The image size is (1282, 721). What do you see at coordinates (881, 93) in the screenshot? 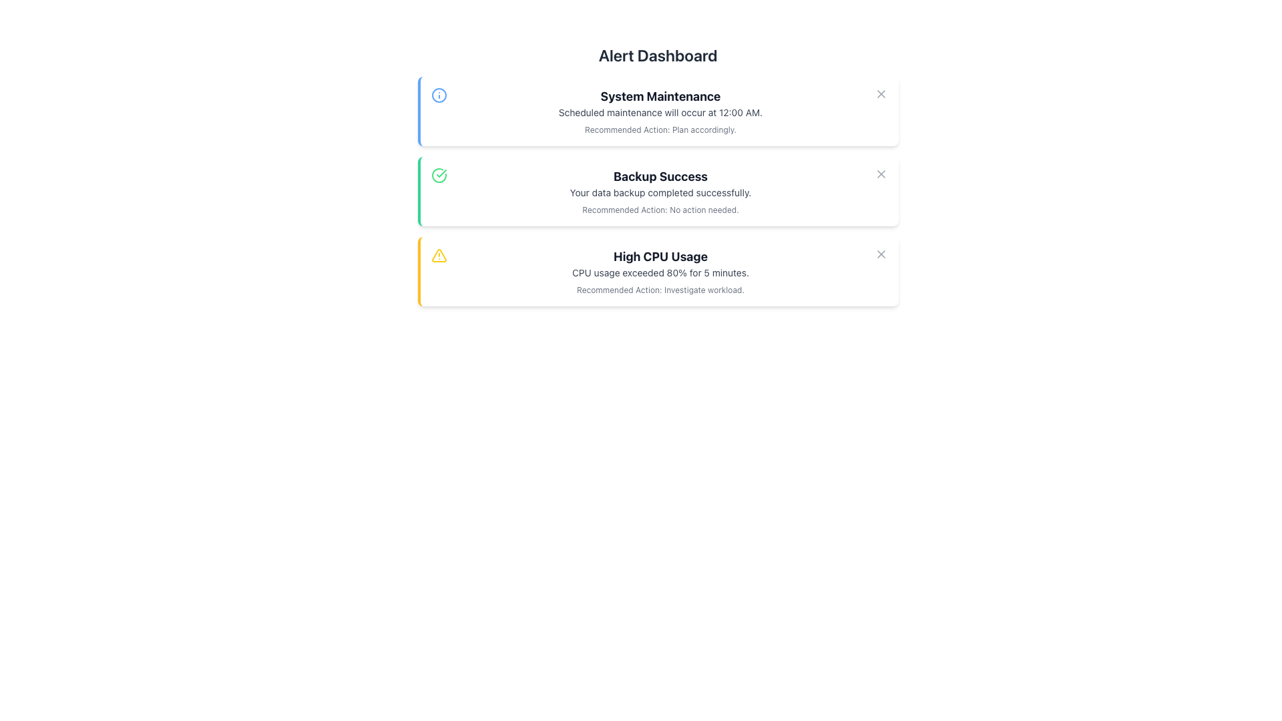
I see `the small 'X' shaped button located at the top-right corner of the notification card titled 'System Maintenance' to change its appearance` at bounding box center [881, 93].